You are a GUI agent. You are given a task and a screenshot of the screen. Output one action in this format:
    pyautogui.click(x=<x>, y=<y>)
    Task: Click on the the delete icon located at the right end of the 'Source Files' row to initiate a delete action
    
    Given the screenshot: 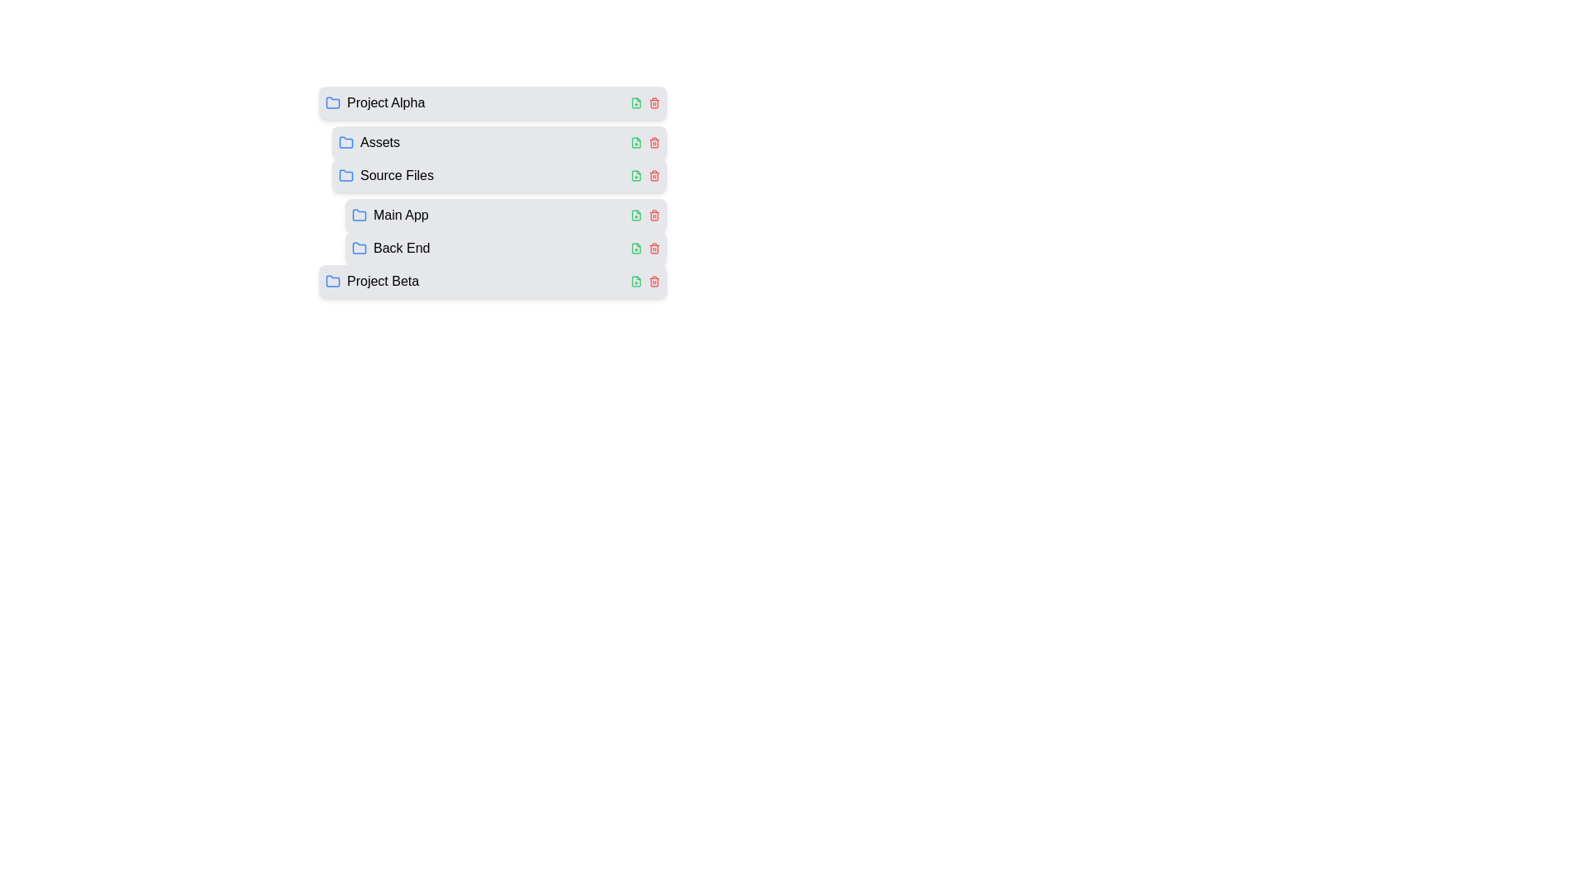 What is the action you would take?
    pyautogui.click(x=654, y=175)
    